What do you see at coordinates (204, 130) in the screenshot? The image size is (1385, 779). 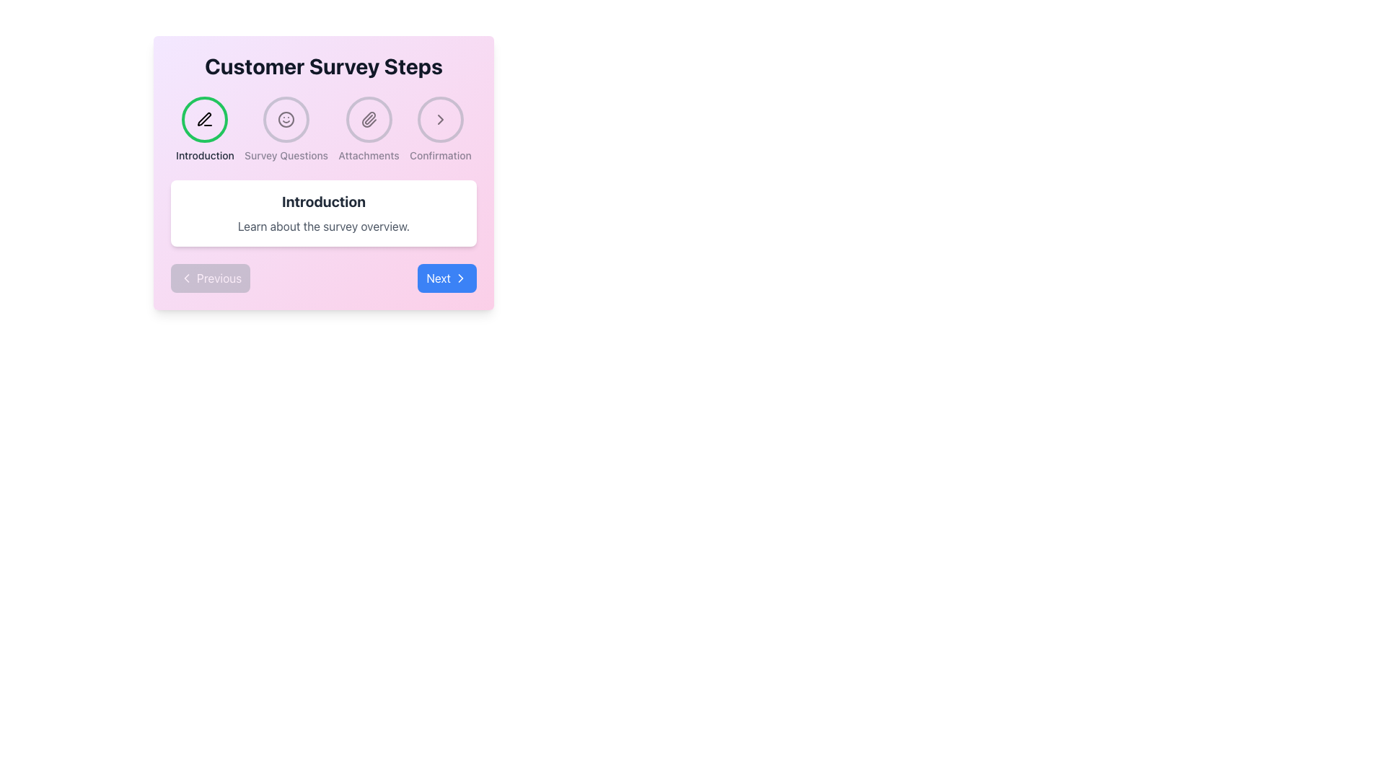 I see `the first step indicator of the navigation sequence for the survey wizard, labeled 'Customer Survey Steps'` at bounding box center [204, 130].